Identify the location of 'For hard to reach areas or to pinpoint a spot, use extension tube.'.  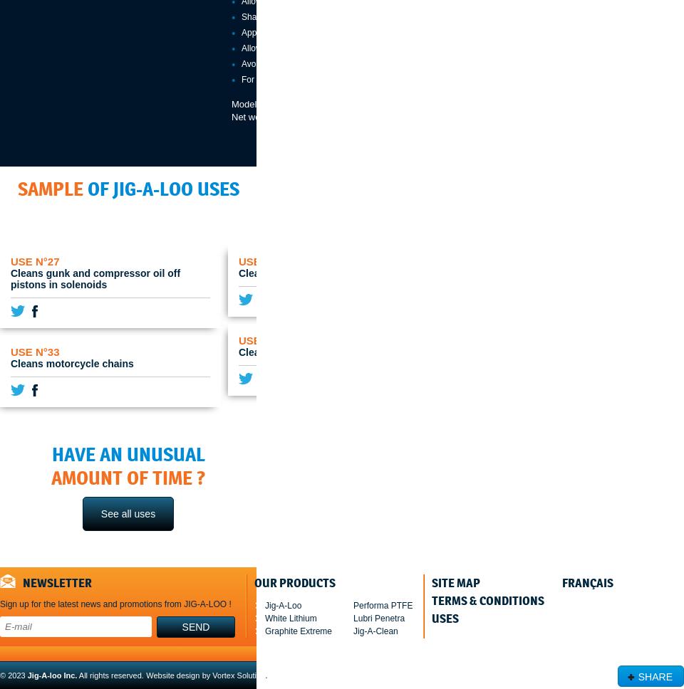
(363, 79).